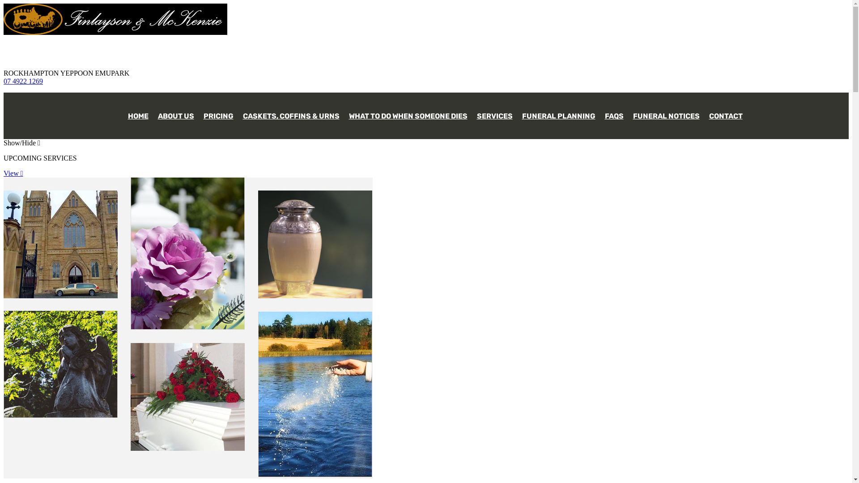 This screenshot has height=483, width=859. What do you see at coordinates (613, 111) in the screenshot?
I see `'FAQS'` at bounding box center [613, 111].